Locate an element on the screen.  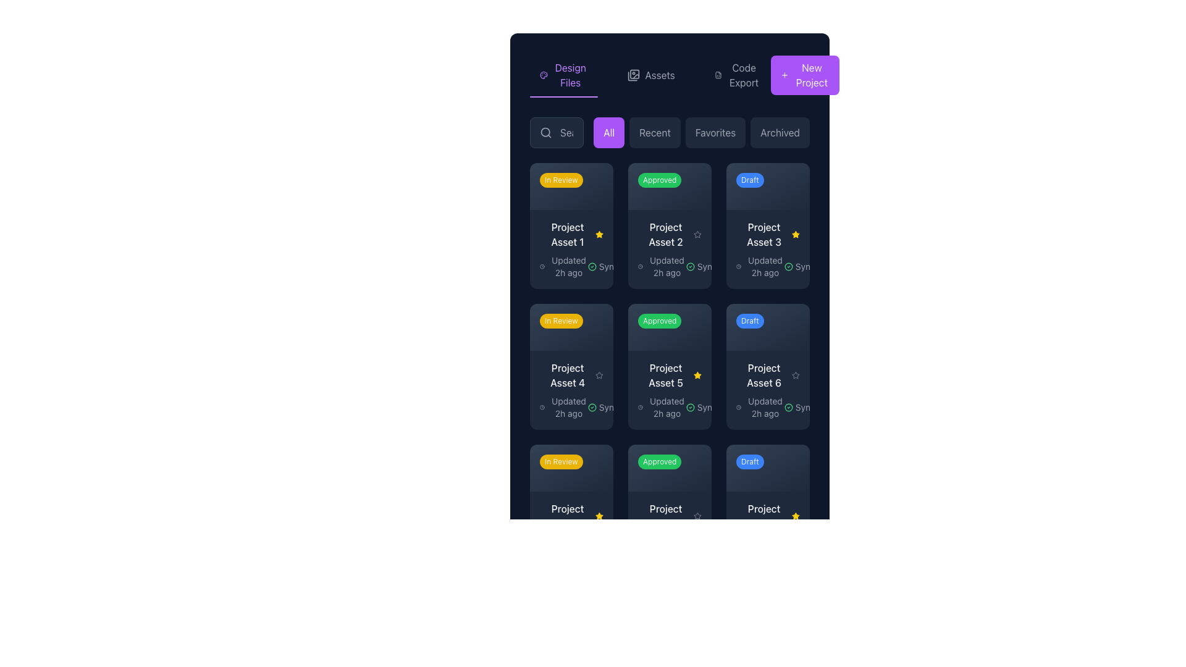
the synchronization status text label with an icon located in the bottom-left area of the content card titled 'Project Asset 4' is located at coordinates (608, 407).